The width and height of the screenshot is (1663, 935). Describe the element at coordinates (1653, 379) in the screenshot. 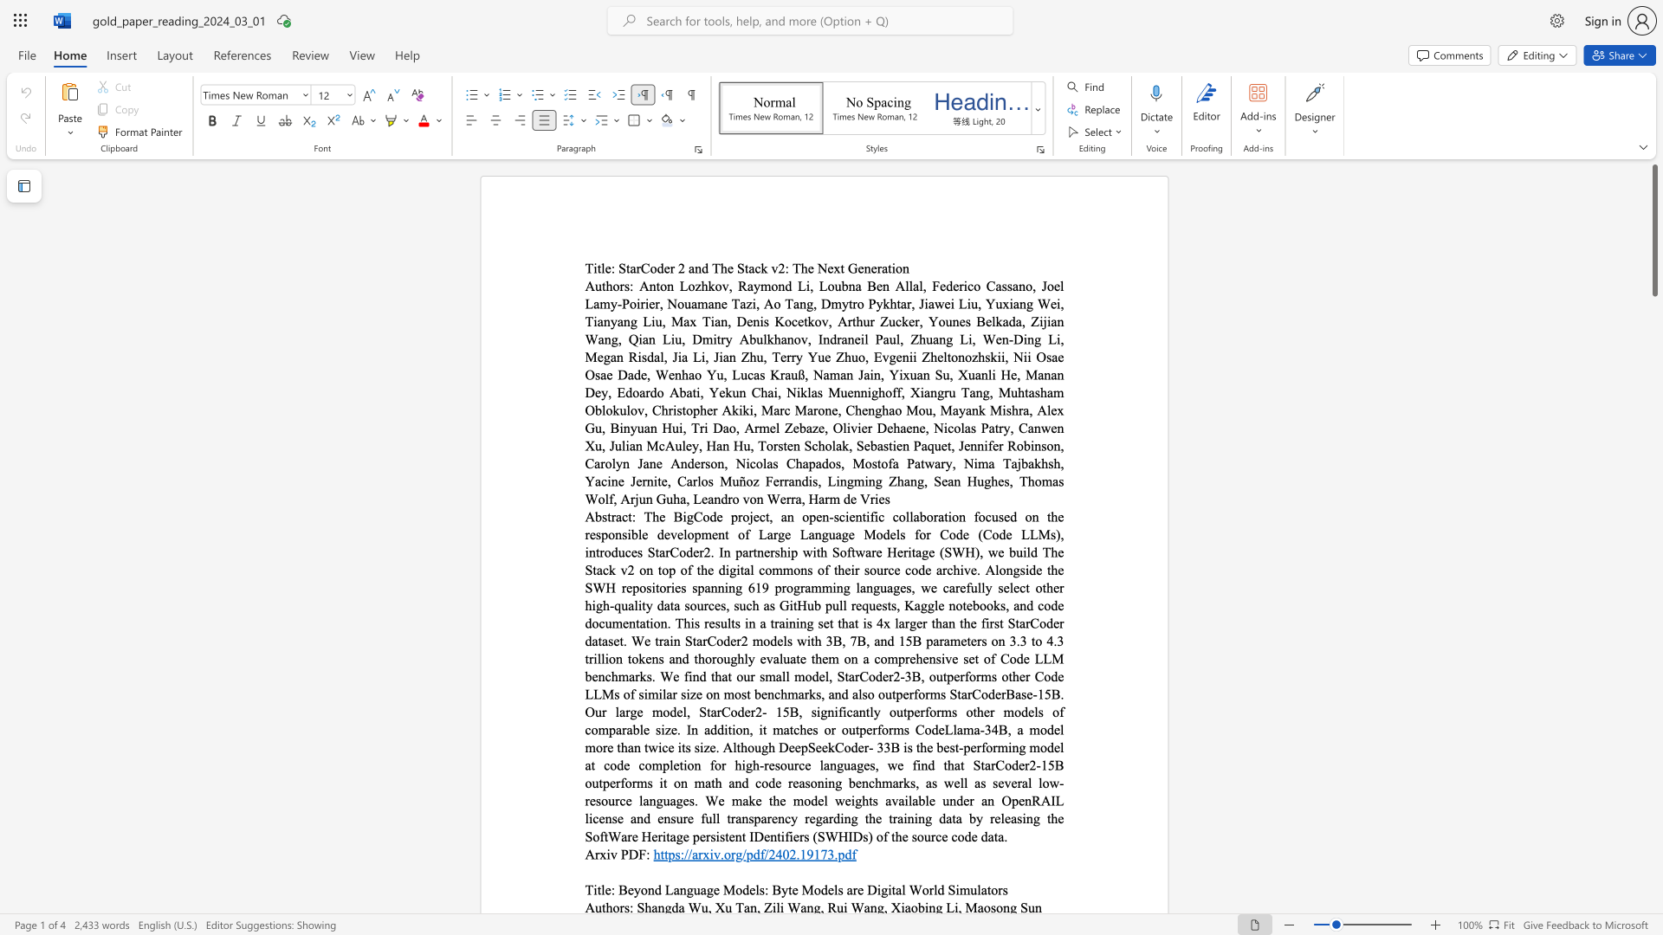

I see `the scrollbar to scroll the page down` at that location.